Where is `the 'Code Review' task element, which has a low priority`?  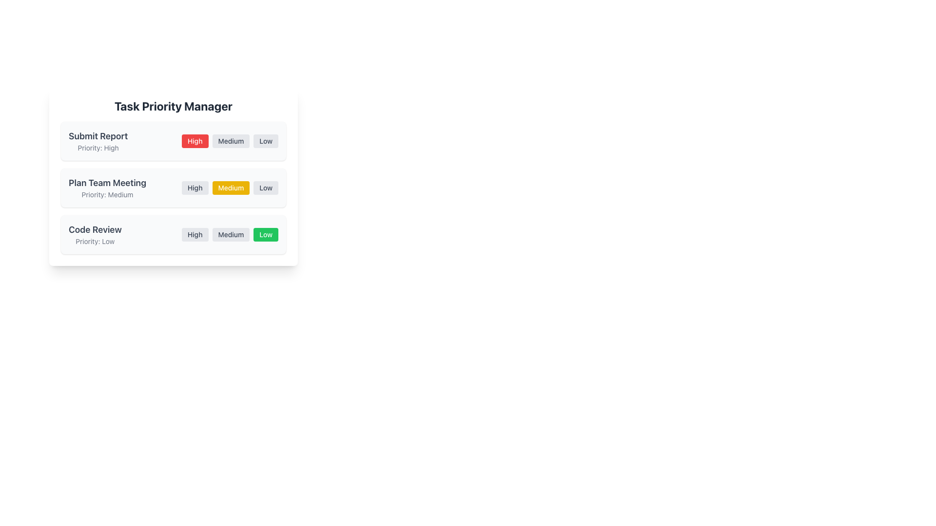 the 'Code Review' task element, which has a low priority is located at coordinates (95, 235).